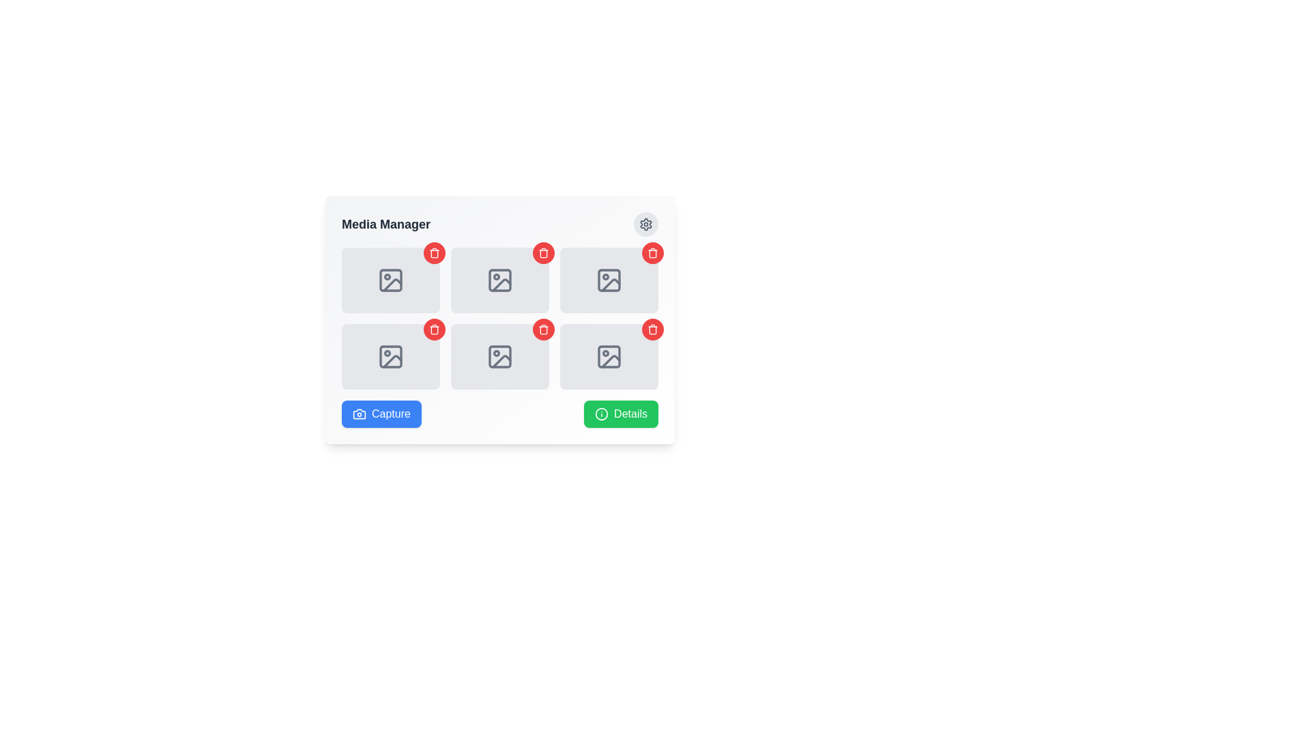 The height and width of the screenshot is (737, 1310). Describe the element at coordinates (645, 223) in the screenshot. I see `the circular button with a light gray background and a gear icon located in the top-right corner of the 'Media Manager' section` at that location.